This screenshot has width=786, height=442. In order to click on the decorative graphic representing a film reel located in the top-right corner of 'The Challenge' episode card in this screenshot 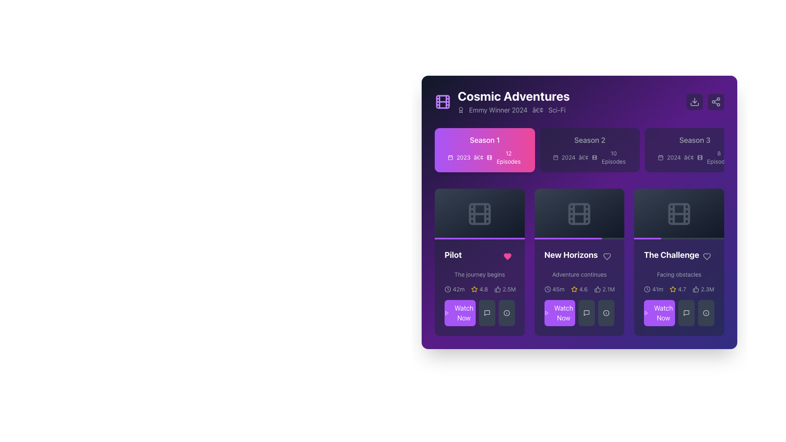, I will do `click(679, 213)`.